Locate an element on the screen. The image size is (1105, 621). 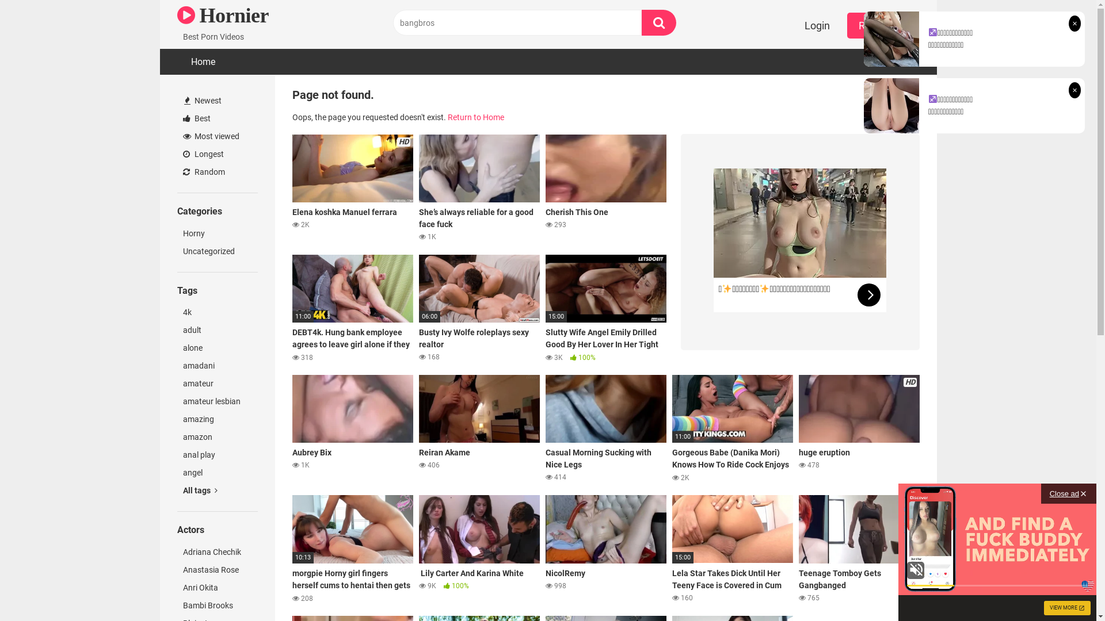
'Uncategorized' is located at coordinates (218, 251).